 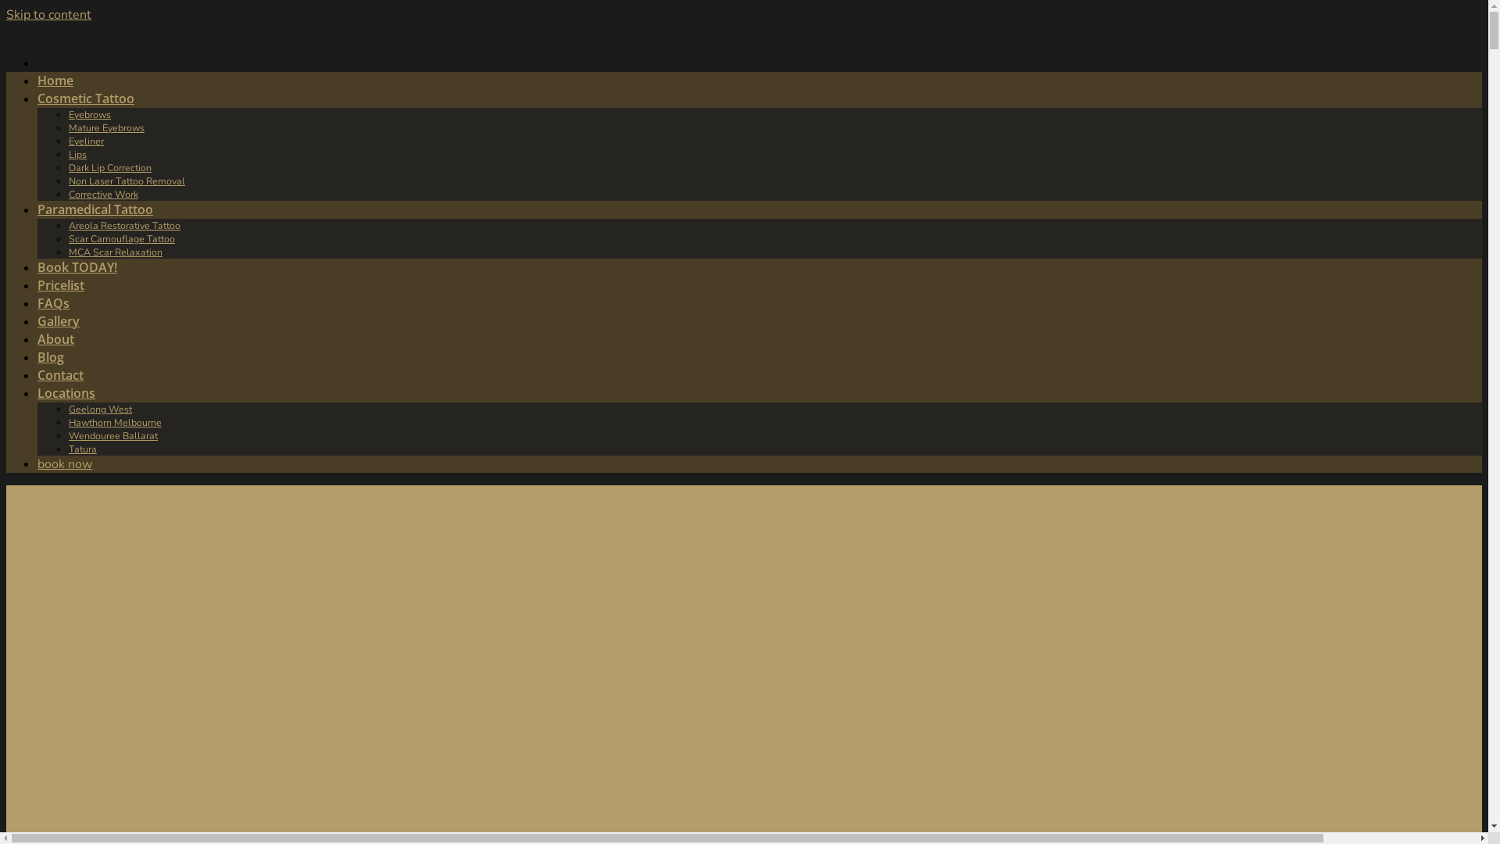 What do you see at coordinates (81, 449) in the screenshot?
I see `'Tatura'` at bounding box center [81, 449].